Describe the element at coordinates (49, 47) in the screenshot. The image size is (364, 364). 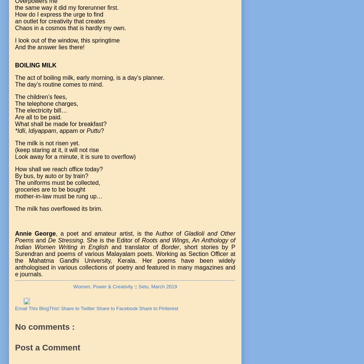
I see `'And the answer lies there!'` at that location.